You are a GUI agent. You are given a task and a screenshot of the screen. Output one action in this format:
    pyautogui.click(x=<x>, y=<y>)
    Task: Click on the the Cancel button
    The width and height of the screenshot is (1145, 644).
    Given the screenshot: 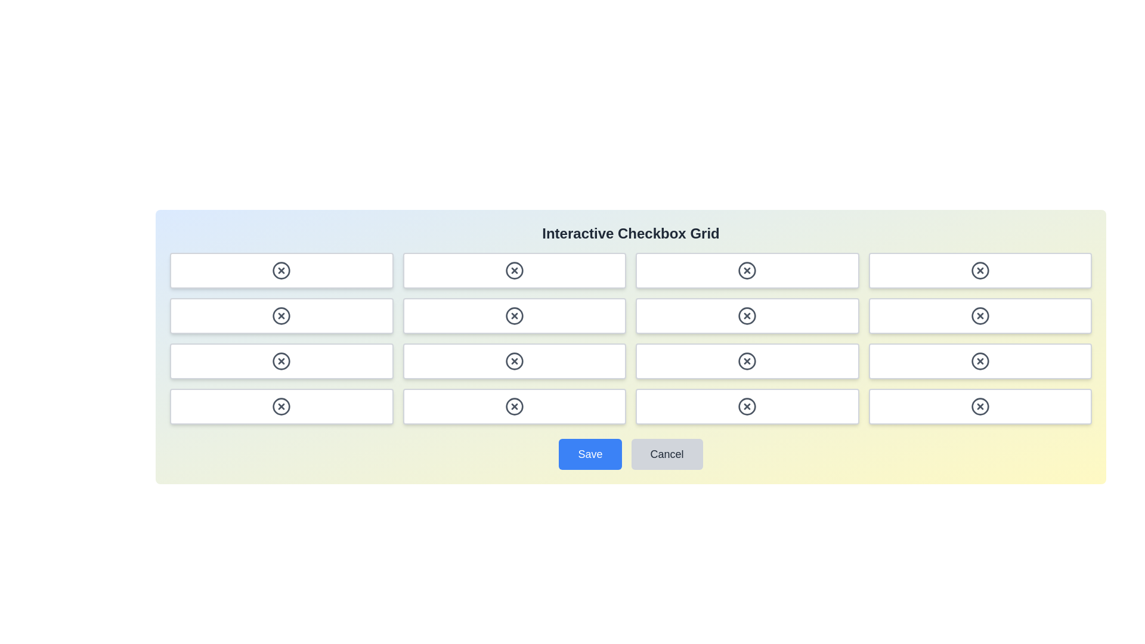 What is the action you would take?
    pyautogui.click(x=666, y=454)
    